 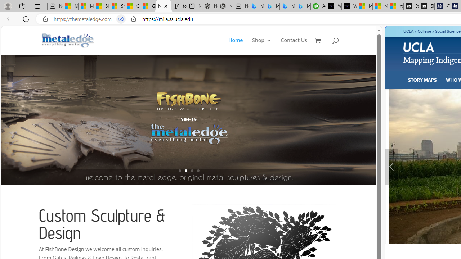 What do you see at coordinates (261, 46) in the screenshot?
I see `'Shop 3'` at bounding box center [261, 46].